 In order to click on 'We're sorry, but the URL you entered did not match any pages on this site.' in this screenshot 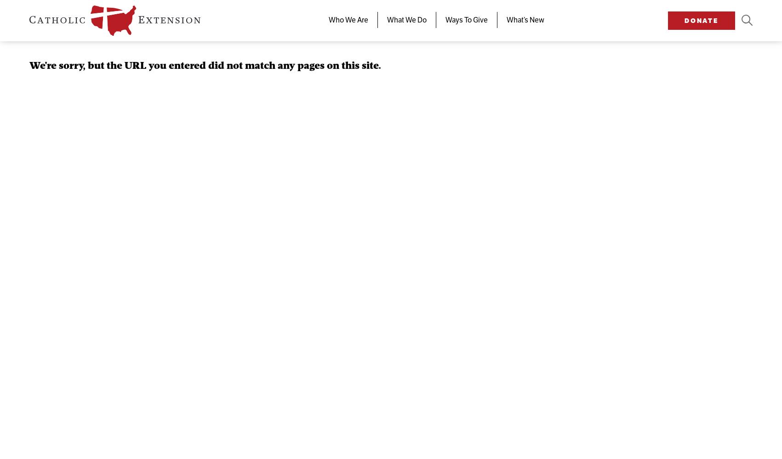, I will do `click(205, 66)`.